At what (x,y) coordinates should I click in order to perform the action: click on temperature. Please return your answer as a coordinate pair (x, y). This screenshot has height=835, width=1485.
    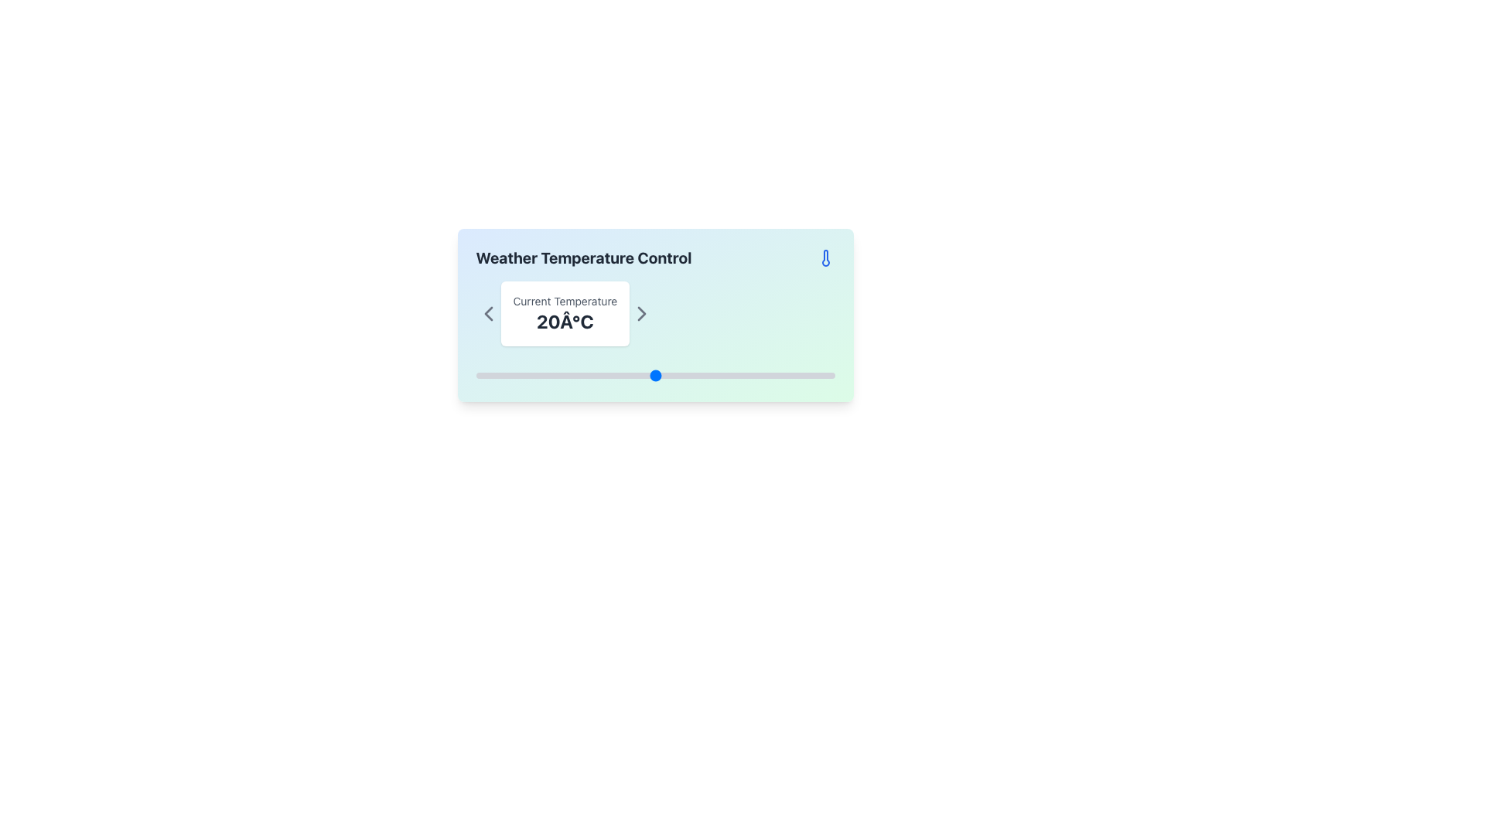
    Looking at the image, I should click on (799, 376).